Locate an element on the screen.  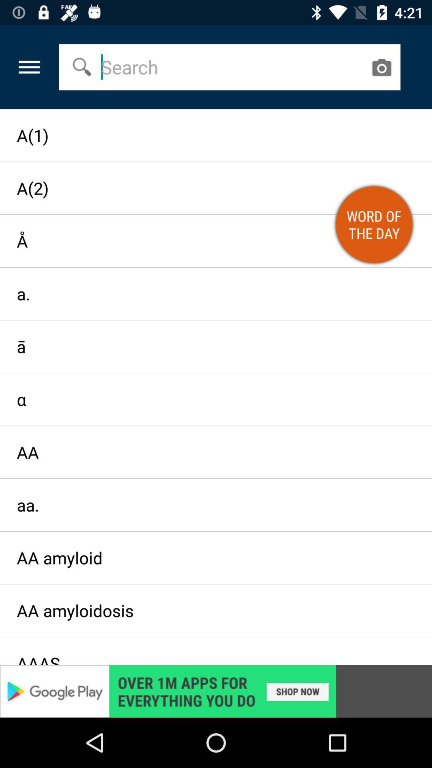
clickable advertisement is located at coordinates (216, 691).